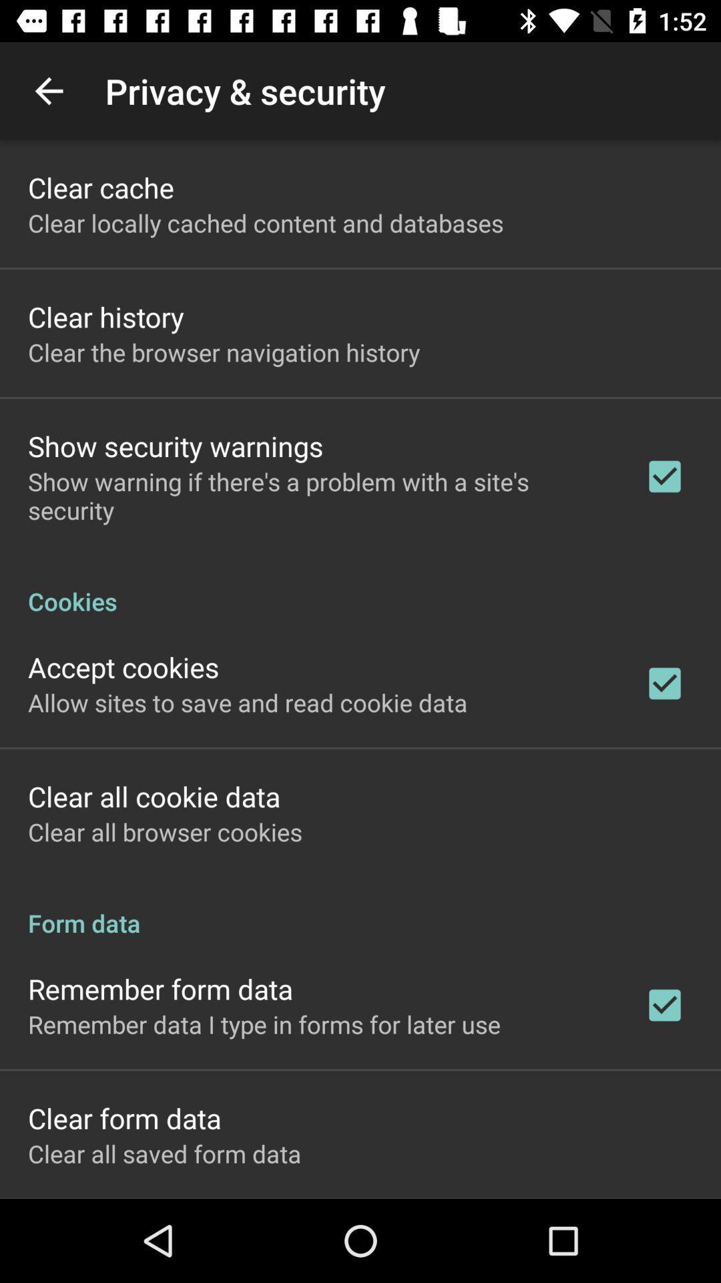  I want to click on icon below the show security warnings app, so click(318, 495).